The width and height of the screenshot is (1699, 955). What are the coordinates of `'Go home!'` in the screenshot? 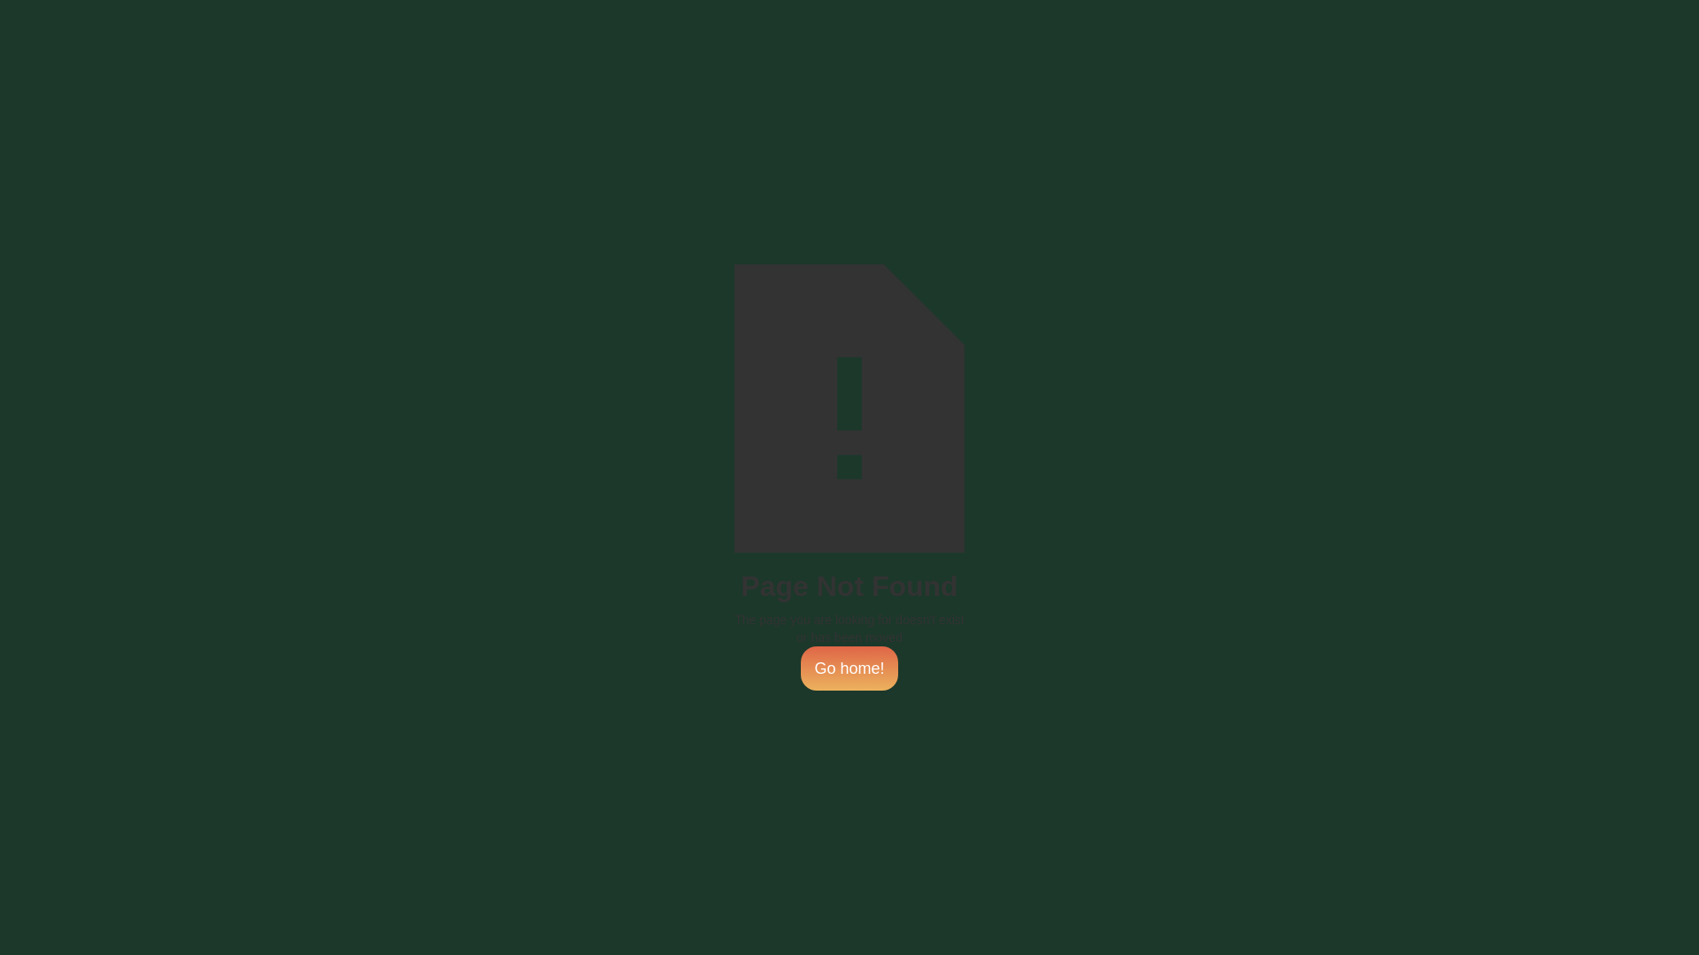 It's located at (848, 668).